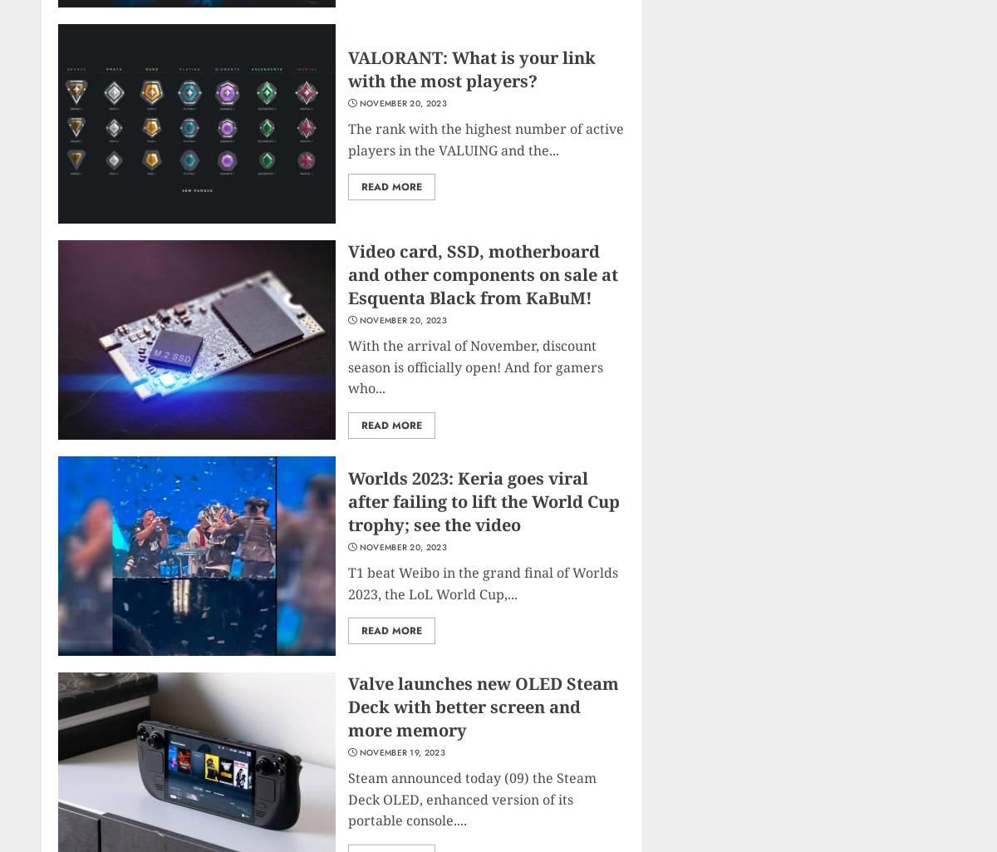 The height and width of the screenshot is (852, 997). I want to click on 'Valve launches new OLED Steam Deck with better screen and more memory', so click(483, 707).